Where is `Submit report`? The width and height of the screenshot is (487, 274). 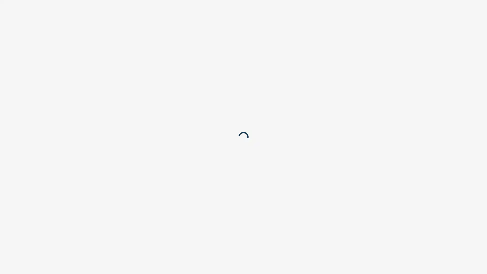
Submit report is located at coordinates (304, 58).